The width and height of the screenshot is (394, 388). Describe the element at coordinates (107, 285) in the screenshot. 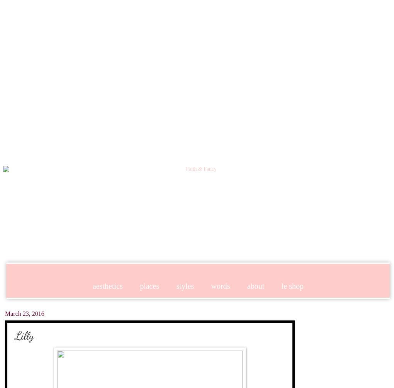

I see `'aesthetics'` at that location.